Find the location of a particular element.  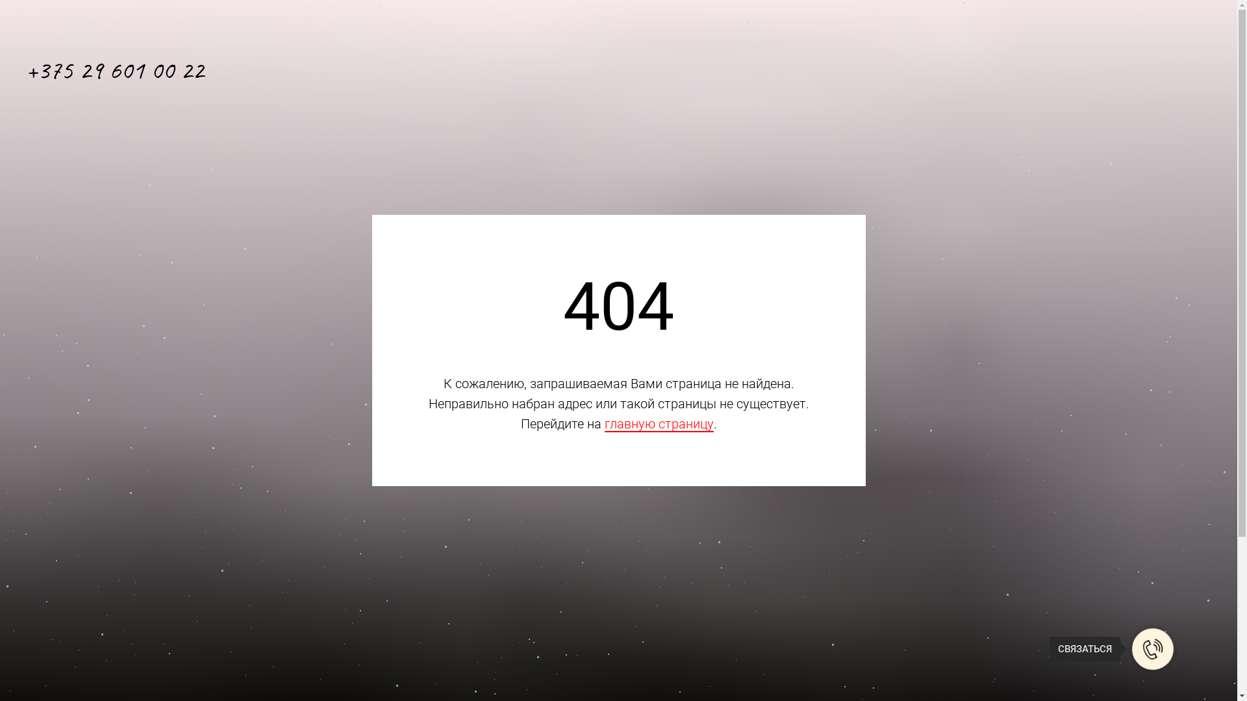

'+375 29 601 00 22' is located at coordinates (115, 70).